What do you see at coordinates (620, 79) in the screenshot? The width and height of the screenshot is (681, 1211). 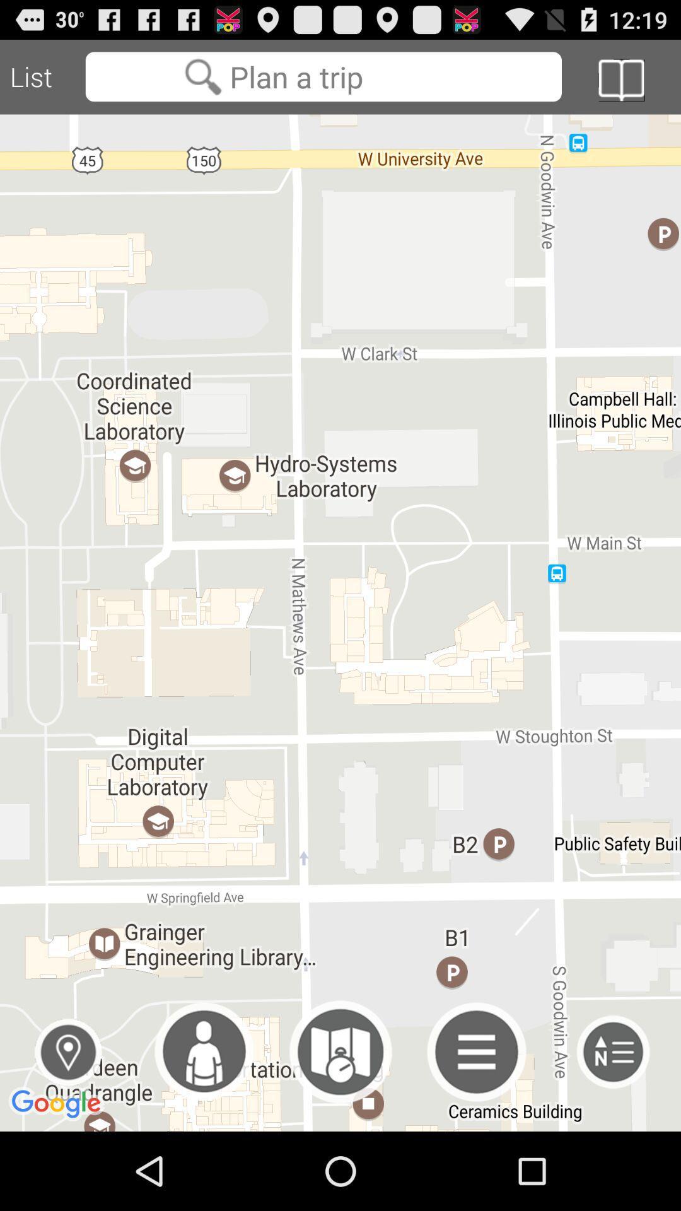 I see `the icon at the top right corner` at bounding box center [620, 79].